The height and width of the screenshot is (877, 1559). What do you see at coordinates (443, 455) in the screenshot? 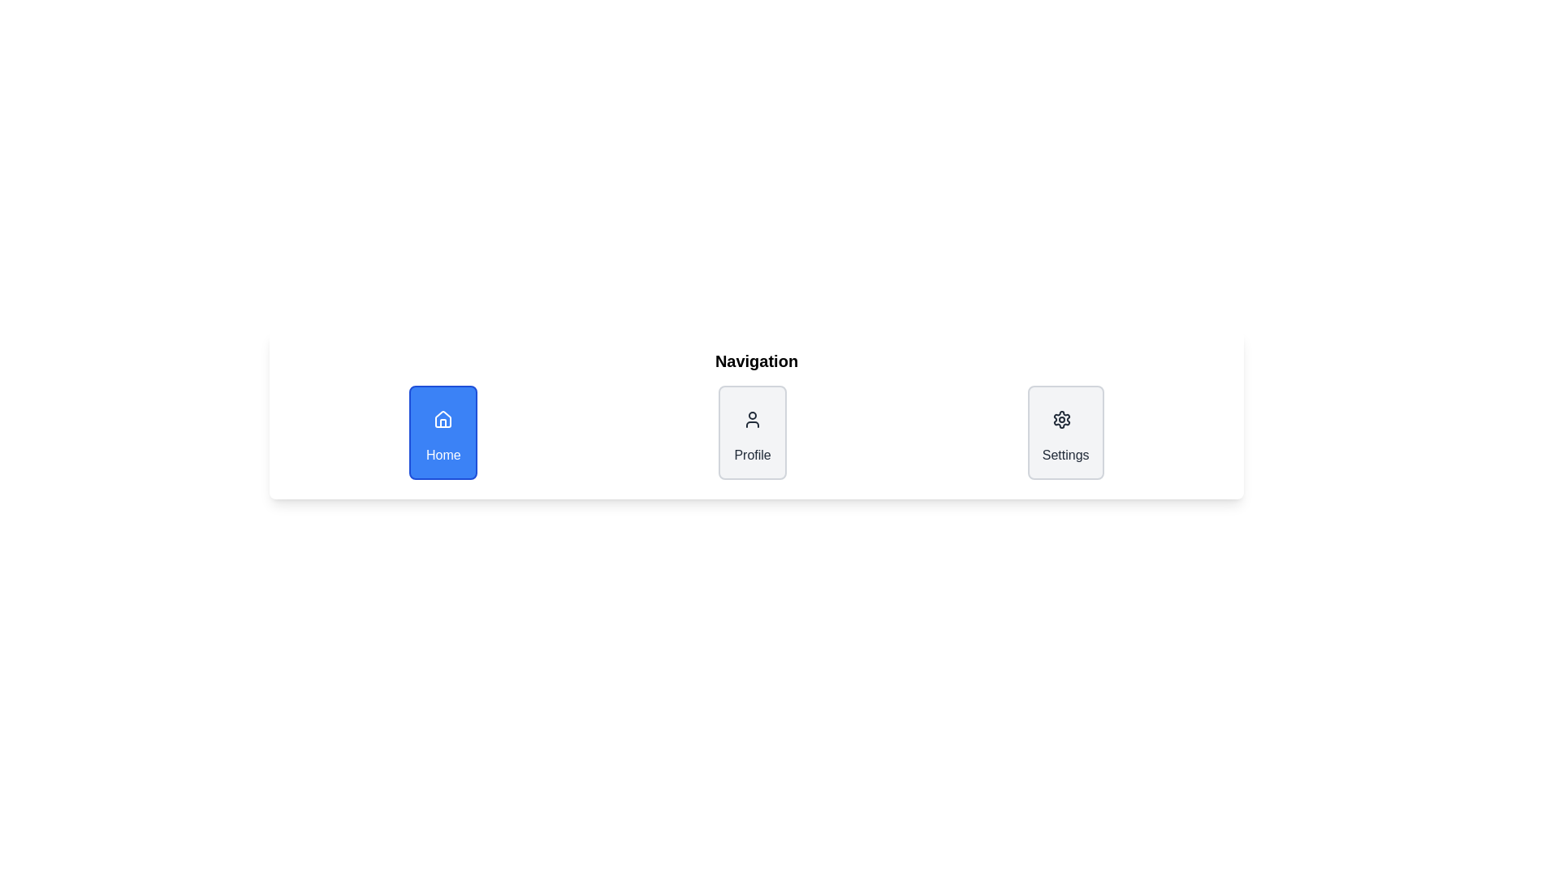
I see `the 'Home' text label, which is styled with a white font against a blue background and located below a house icon in a vertically aligned card` at bounding box center [443, 455].